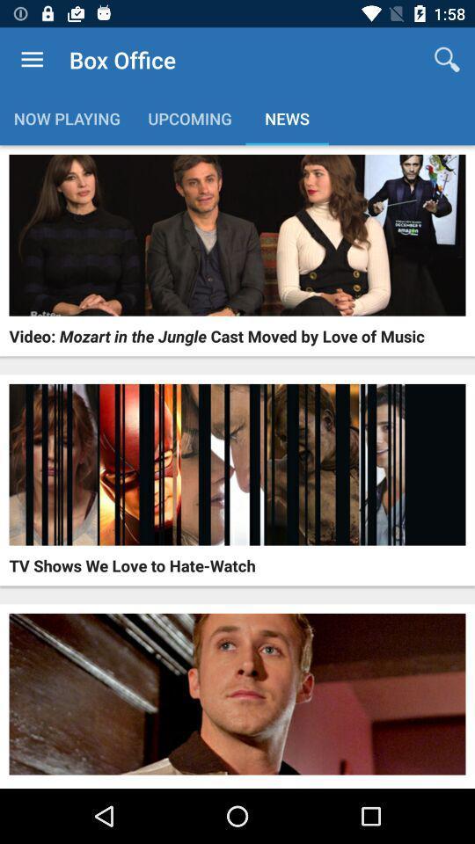  What do you see at coordinates (32, 60) in the screenshot?
I see `icon next to the box office item` at bounding box center [32, 60].